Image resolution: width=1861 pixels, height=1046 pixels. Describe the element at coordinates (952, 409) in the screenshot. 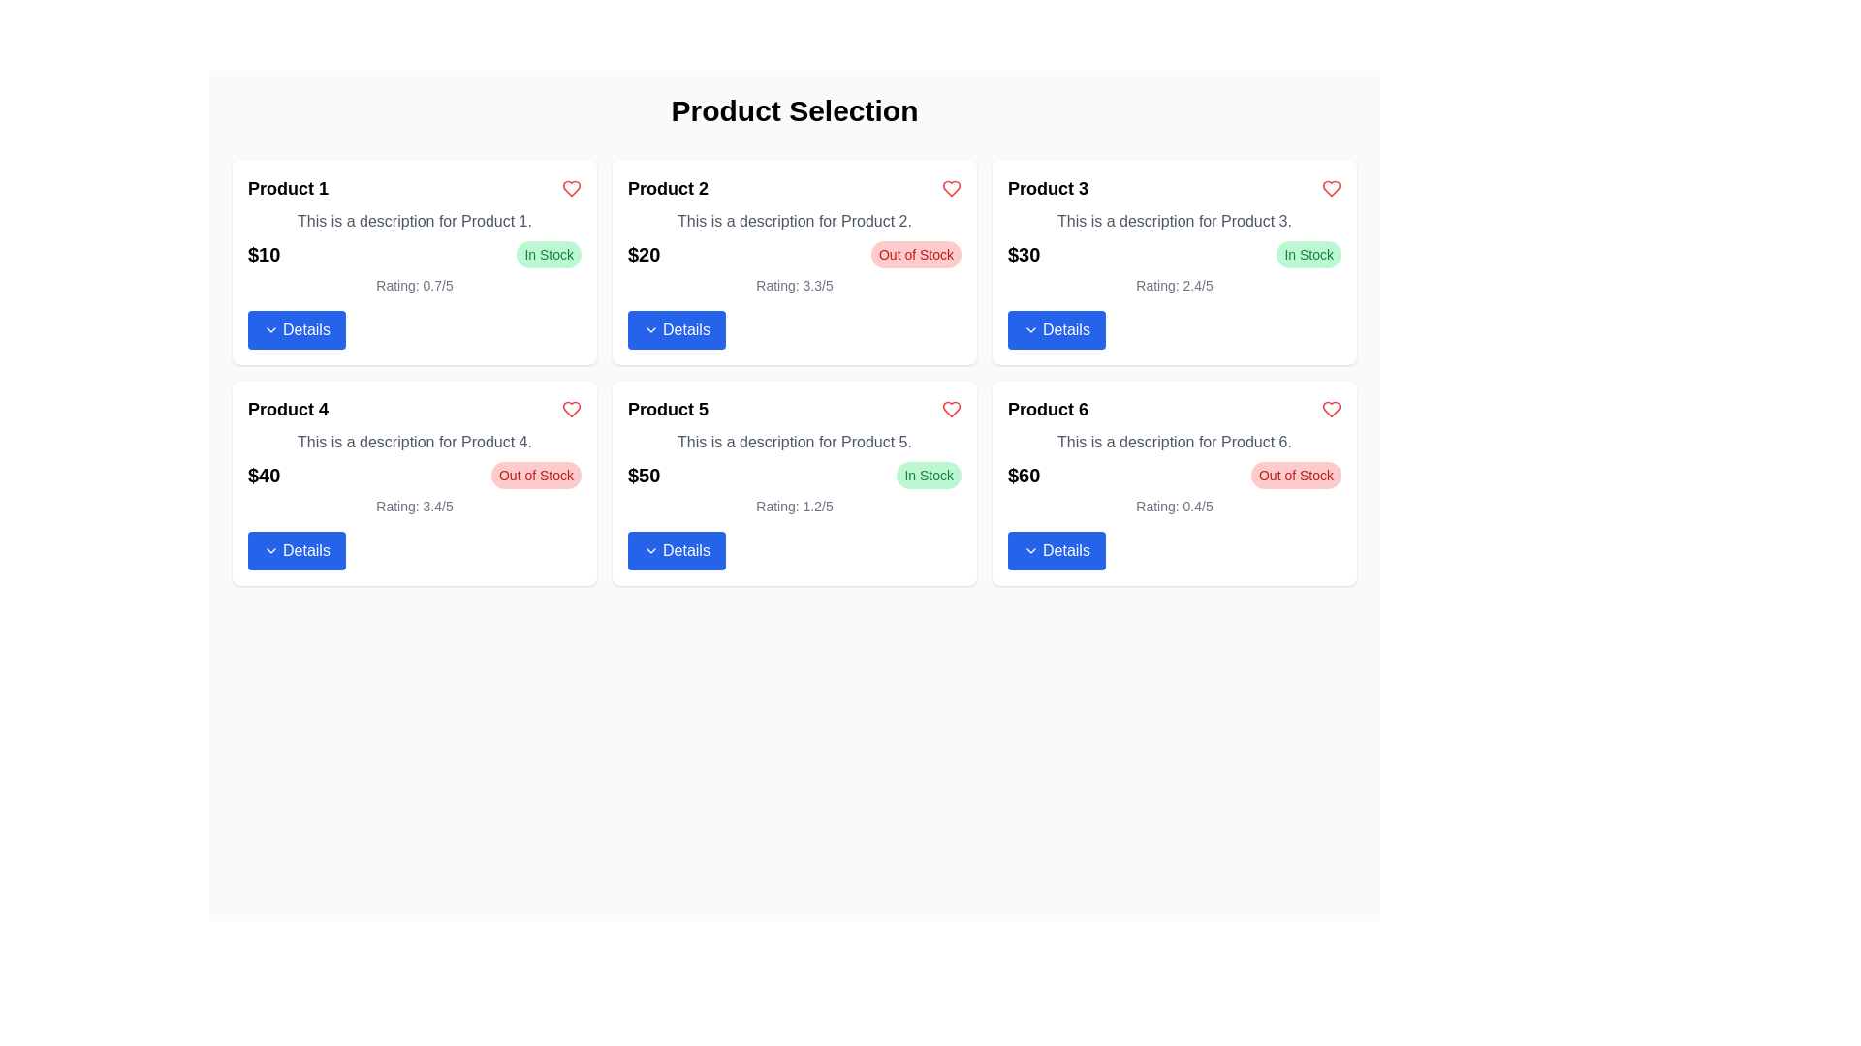

I see `the heart icon button located to the right of the product title 'Product 5'` at that location.